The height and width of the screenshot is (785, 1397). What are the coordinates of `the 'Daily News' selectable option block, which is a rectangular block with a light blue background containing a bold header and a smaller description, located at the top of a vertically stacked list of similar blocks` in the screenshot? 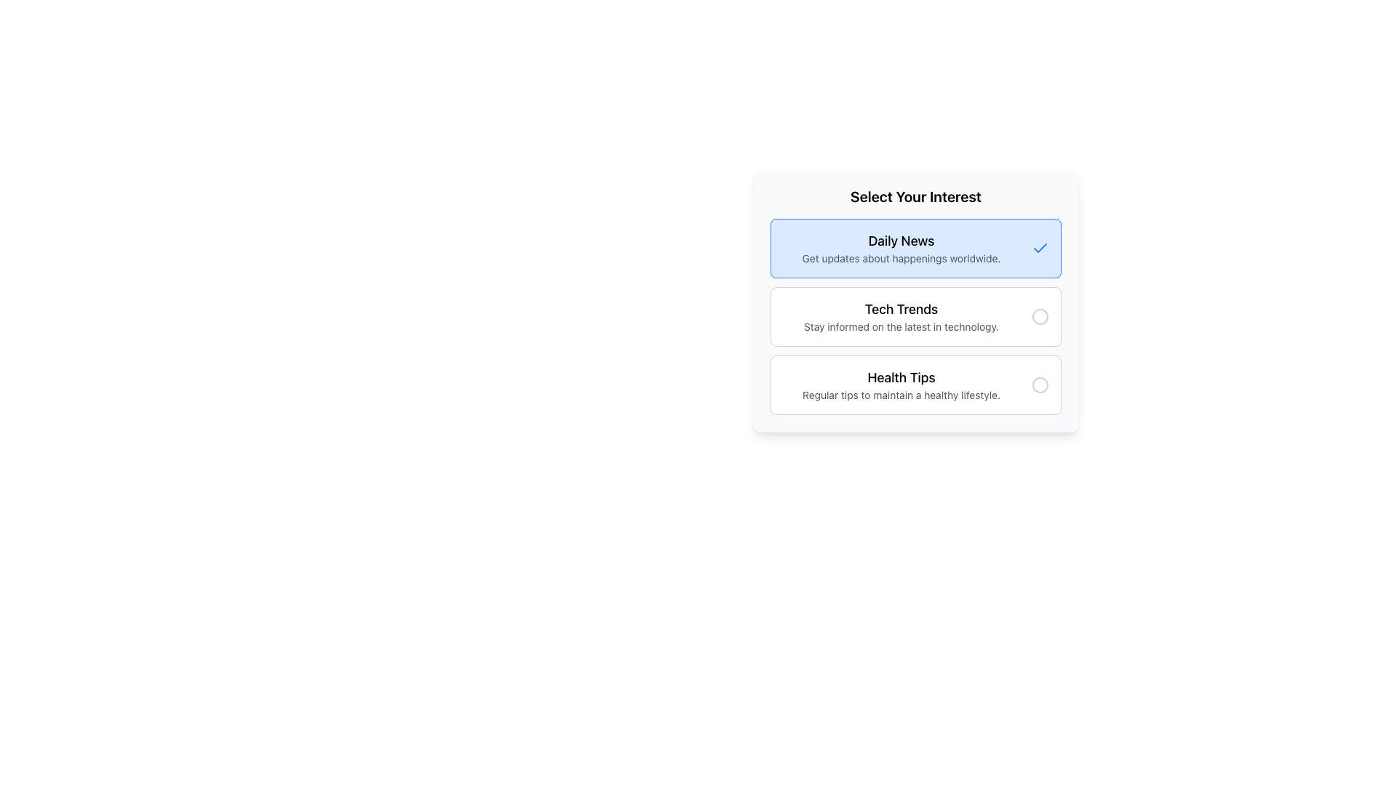 It's located at (915, 248).